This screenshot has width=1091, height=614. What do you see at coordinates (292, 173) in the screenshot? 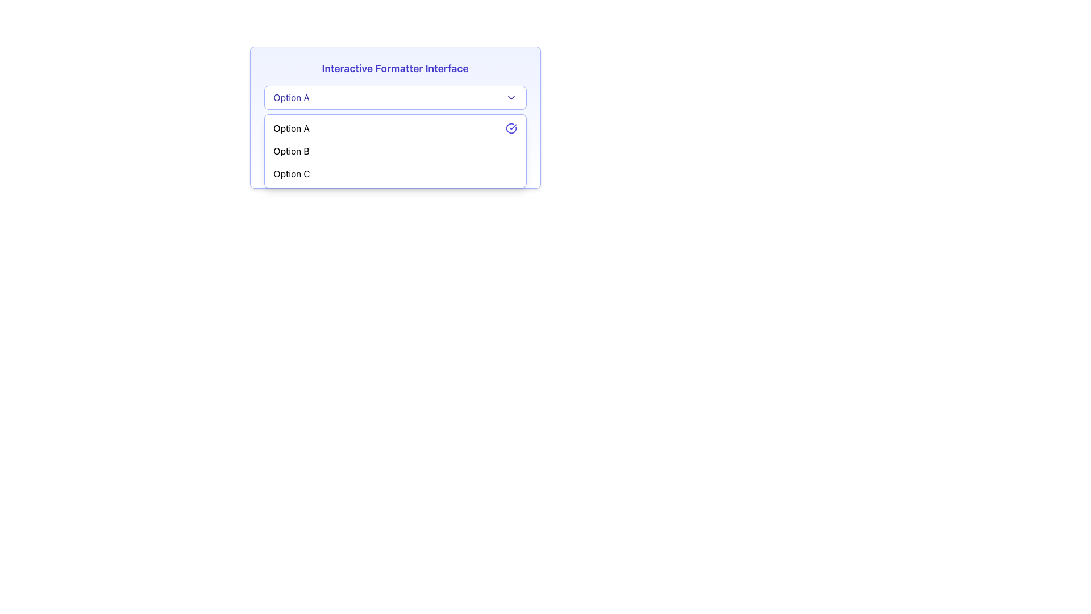
I see `the 'Option C' text label element, which is the third item in the dropdown menu` at bounding box center [292, 173].